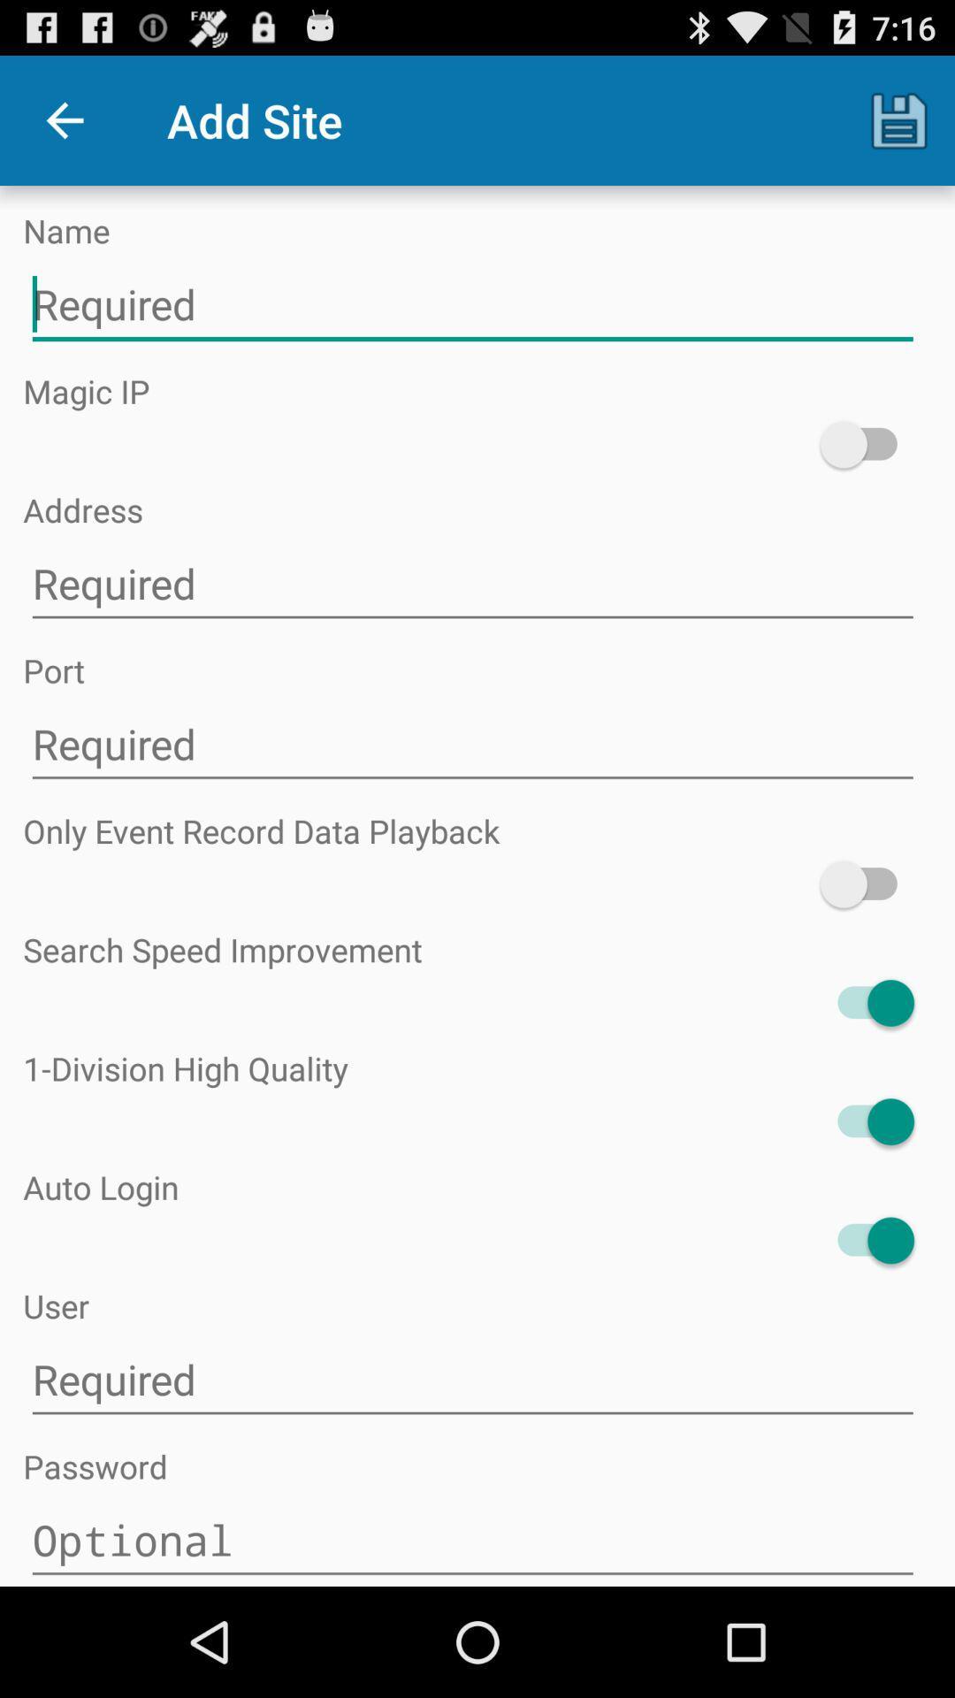 This screenshot has height=1698, width=955. I want to click on enable magic ip feature, so click(866, 444).